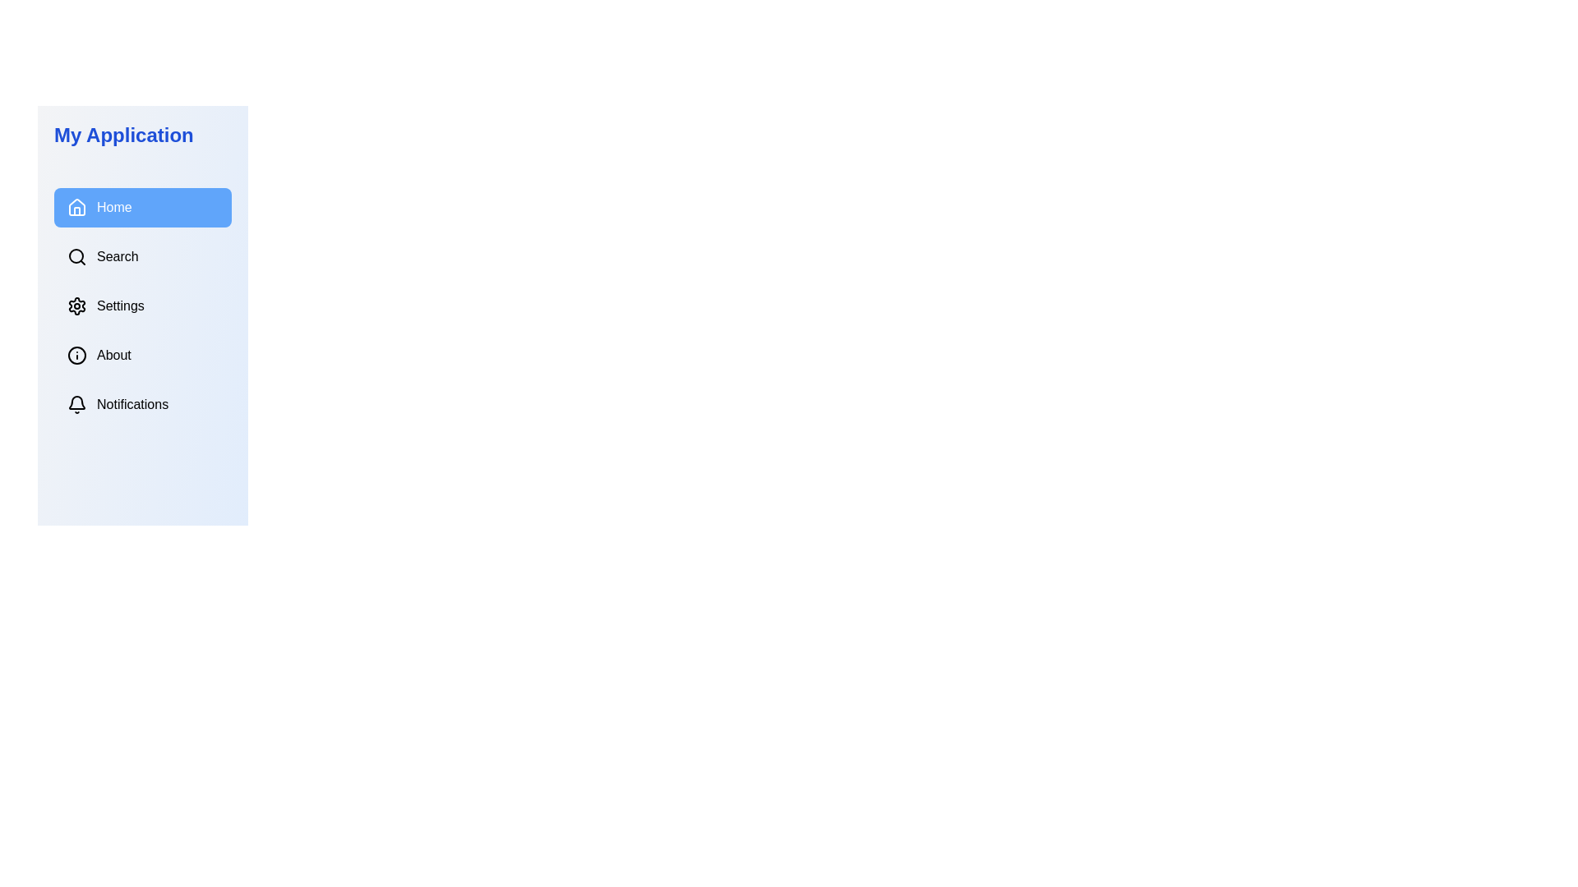  Describe the element at coordinates (76, 354) in the screenshot. I see `the decorative icon (circle in SVG) associated with the 'About' menu option located next to the text 'About'` at that location.